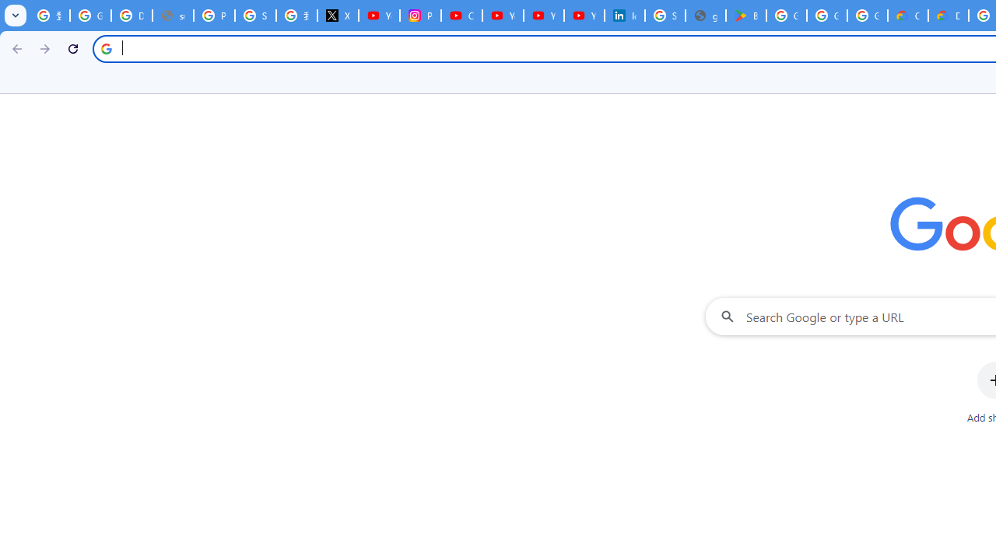  Describe the element at coordinates (173, 16) in the screenshot. I see `'support.google.com - Network error'` at that location.